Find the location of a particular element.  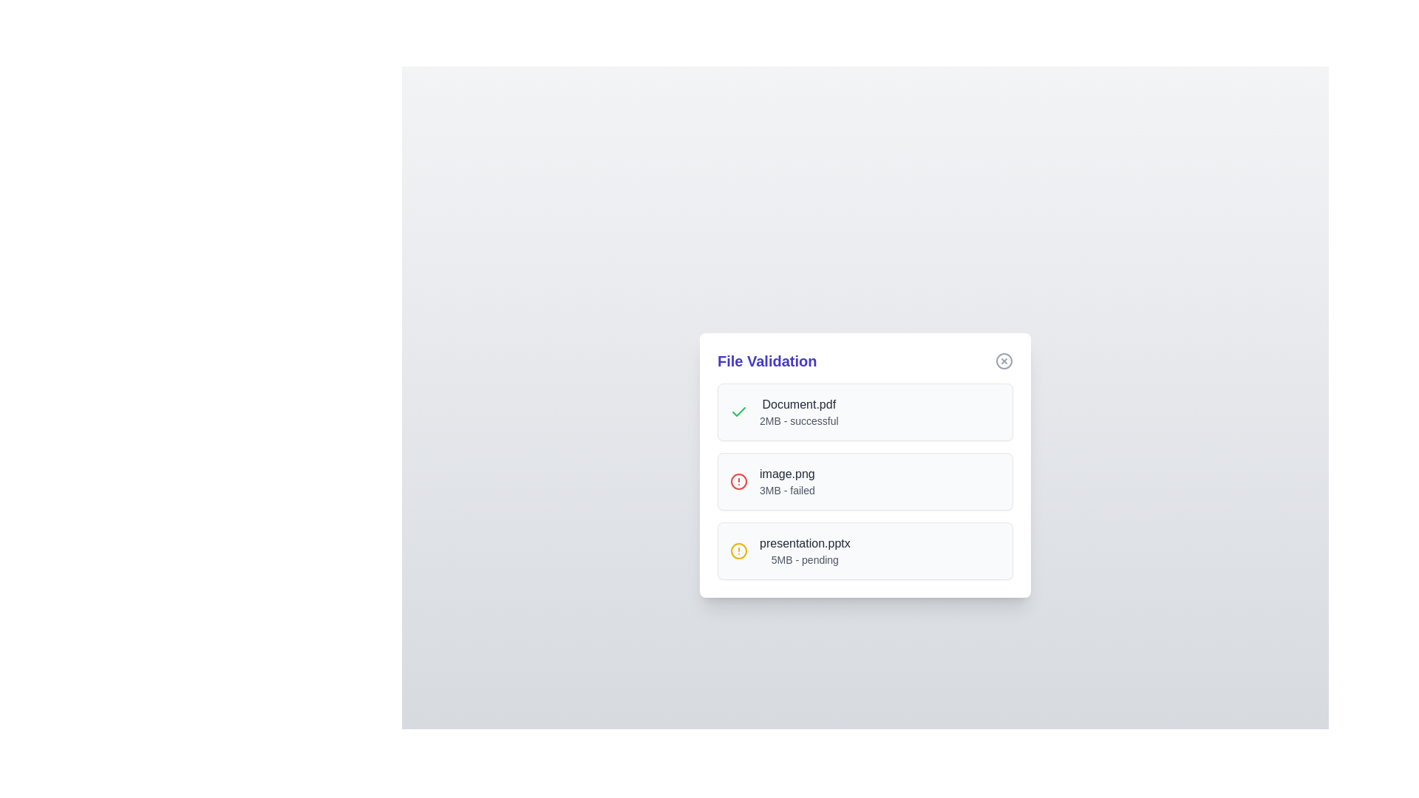

the status icon of the file Document.pdf to inspect its status is located at coordinates (738, 412).